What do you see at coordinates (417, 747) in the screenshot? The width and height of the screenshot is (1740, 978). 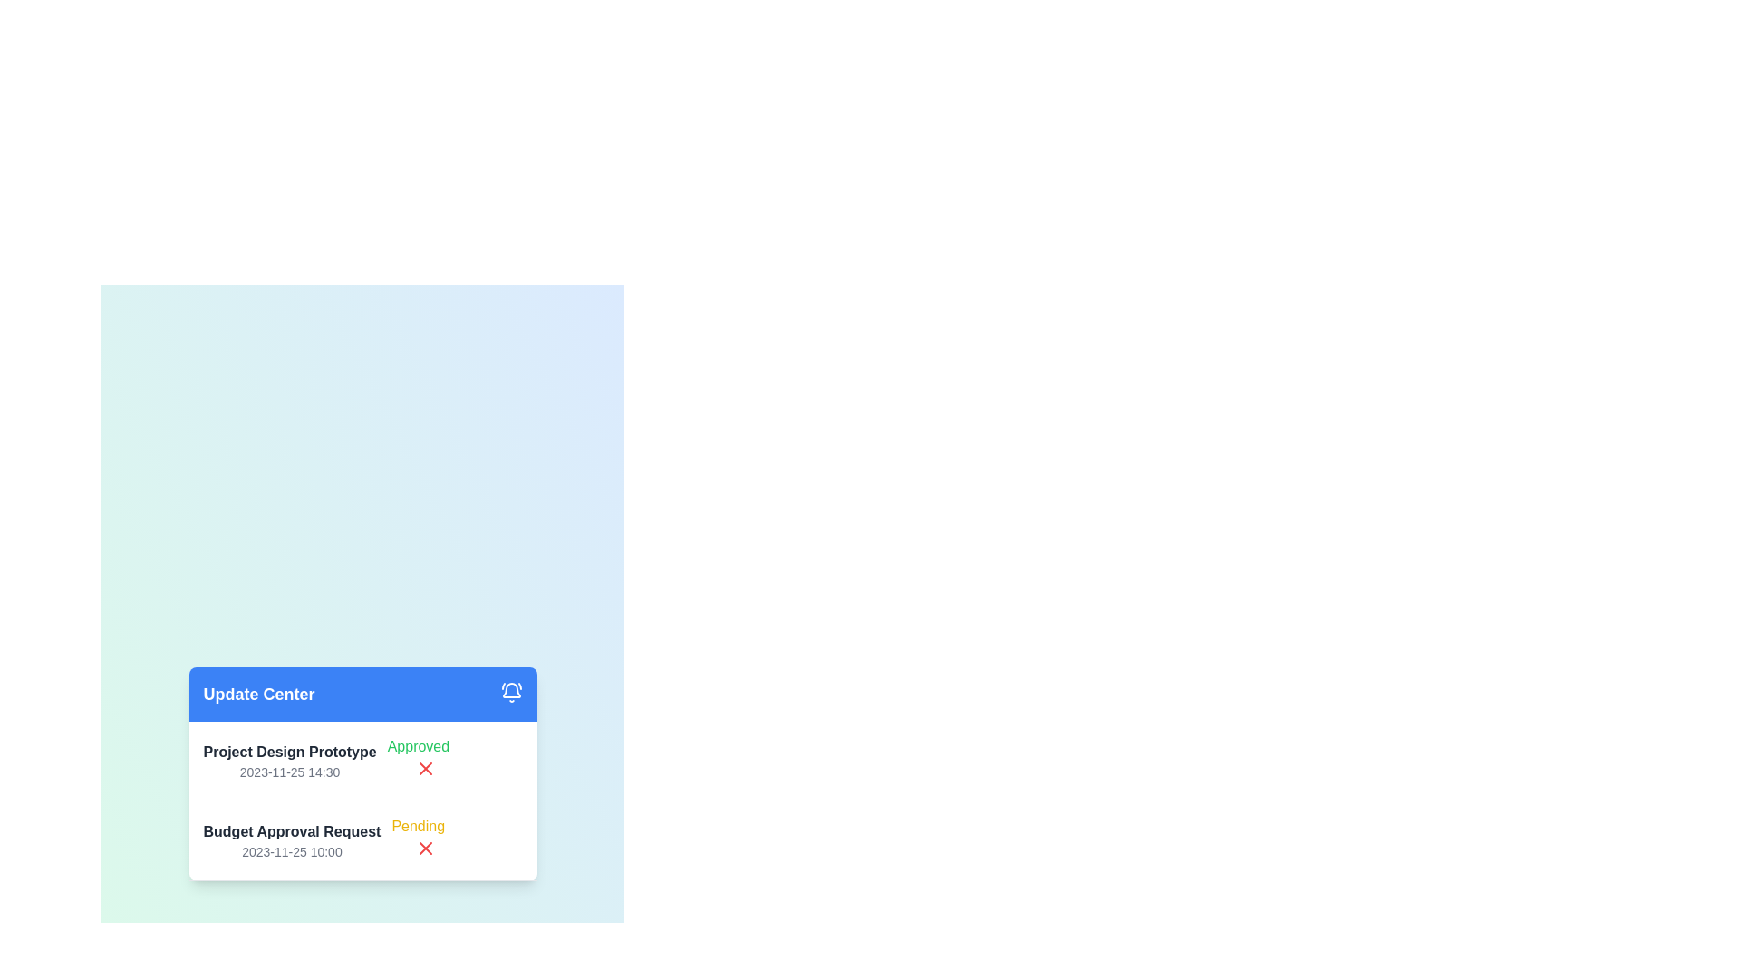 I see `the text label that displays the approval status of the 'Project Design Prototype' task, which is located above a red interaction button` at bounding box center [417, 747].